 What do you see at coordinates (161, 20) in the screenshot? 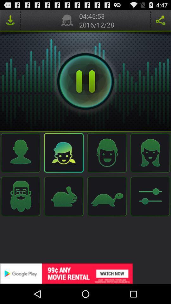
I see `it` at bounding box center [161, 20].